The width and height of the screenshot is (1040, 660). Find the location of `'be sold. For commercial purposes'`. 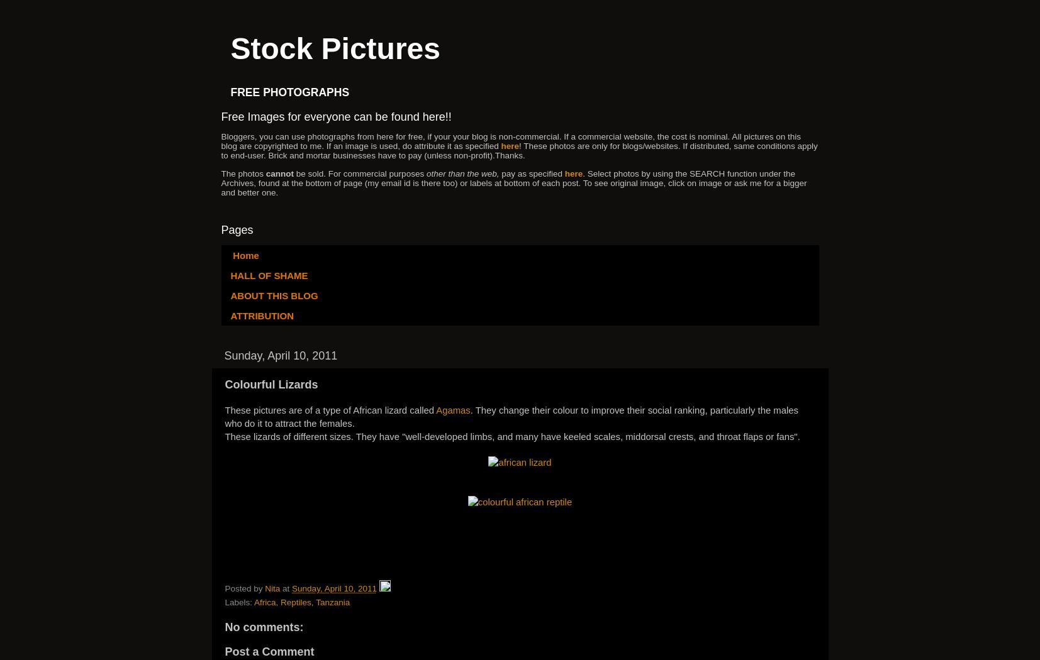

'be sold. For commercial purposes' is located at coordinates (360, 172).